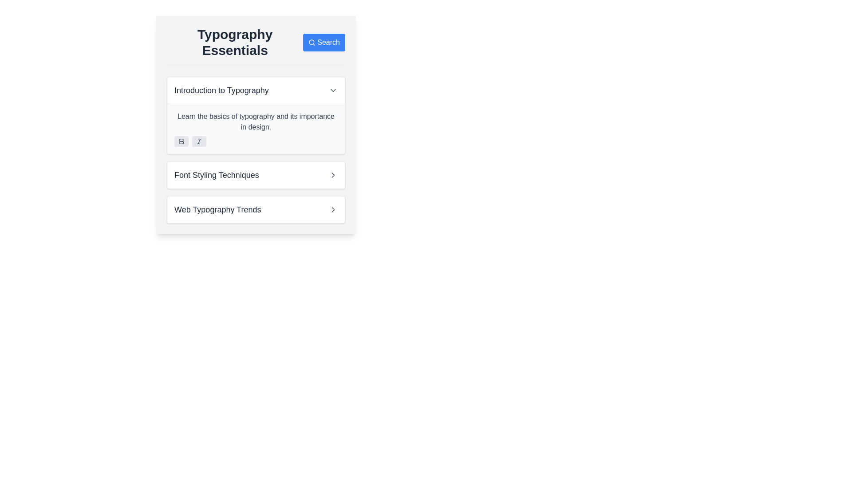 The image size is (852, 479). I want to click on descriptive text display located in the 'Introduction to Typography' section, which provides context about its content, so click(255, 122).